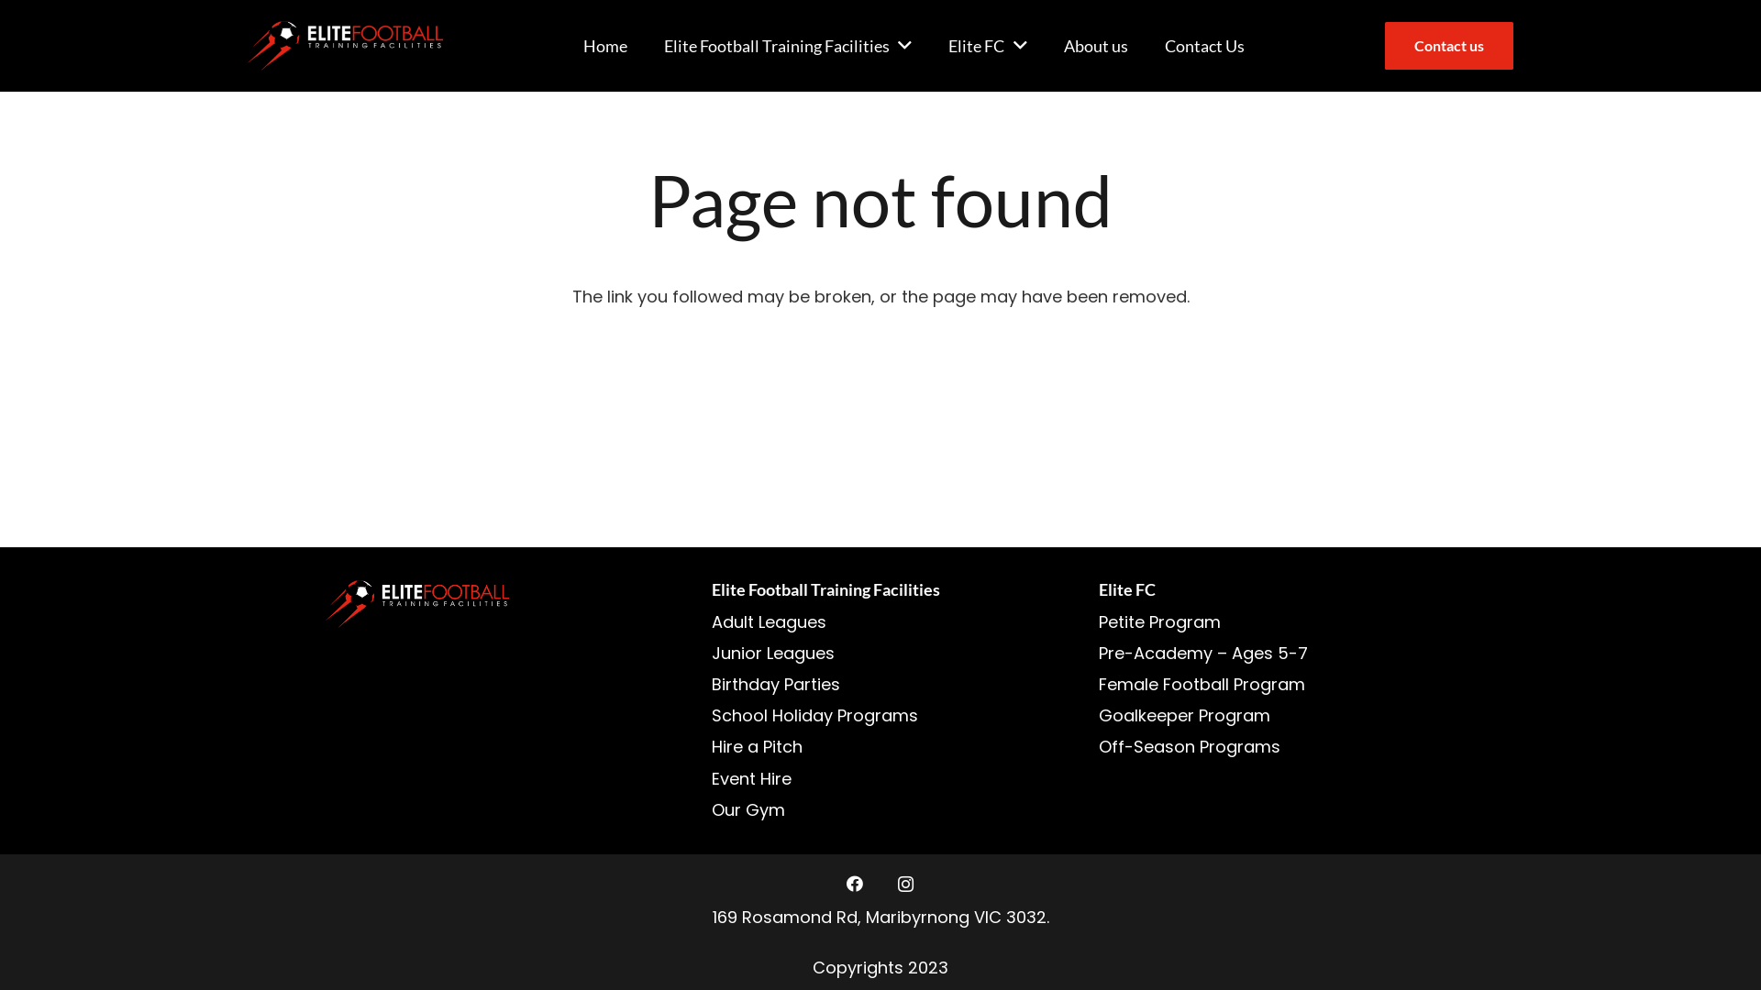 This screenshot has height=990, width=1761. What do you see at coordinates (1096, 45) in the screenshot?
I see `'About us'` at bounding box center [1096, 45].